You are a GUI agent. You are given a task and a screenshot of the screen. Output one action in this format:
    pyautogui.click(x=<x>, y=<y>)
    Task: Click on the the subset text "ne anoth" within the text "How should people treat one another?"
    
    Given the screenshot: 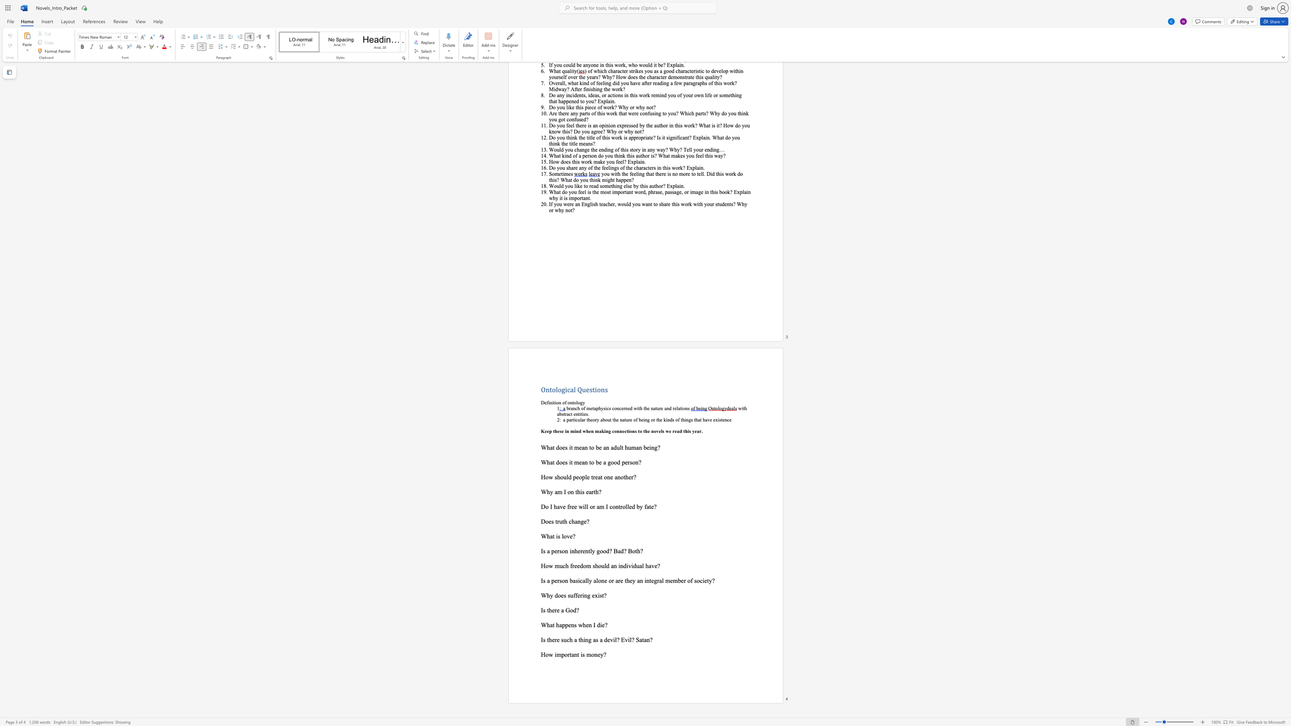 What is the action you would take?
    pyautogui.click(x=607, y=476)
    